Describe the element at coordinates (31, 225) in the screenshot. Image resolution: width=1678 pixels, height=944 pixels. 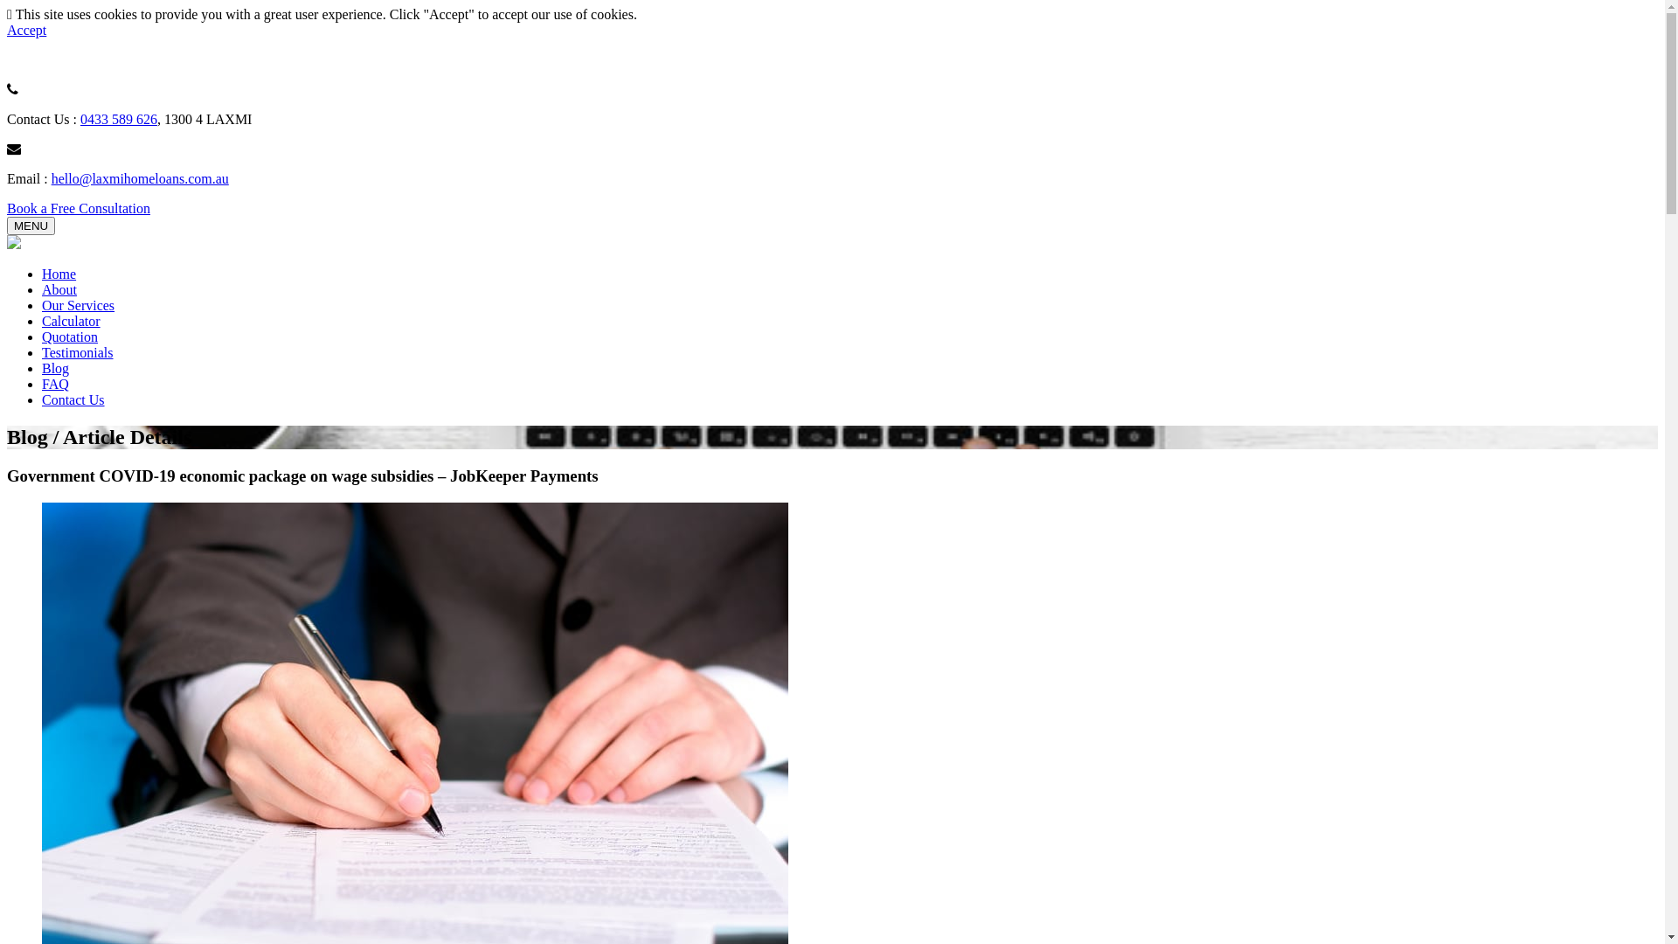
I see `'MENU'` at that location.